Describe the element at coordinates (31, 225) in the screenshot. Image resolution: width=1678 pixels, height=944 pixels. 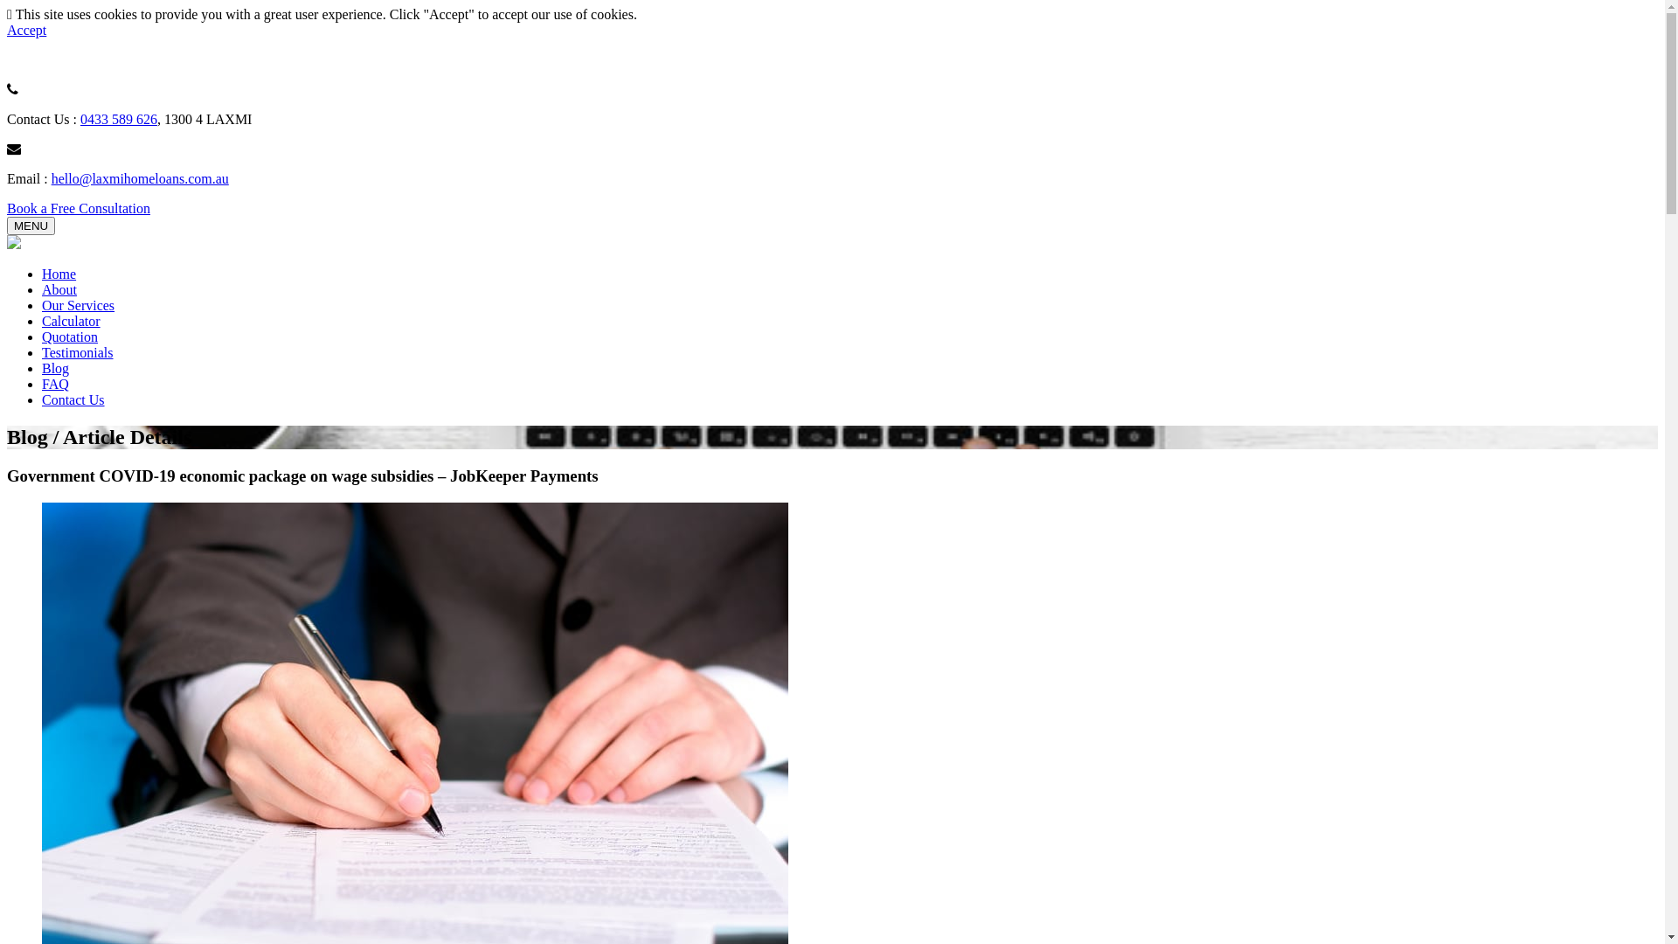
I see `'MENU'` at that location.